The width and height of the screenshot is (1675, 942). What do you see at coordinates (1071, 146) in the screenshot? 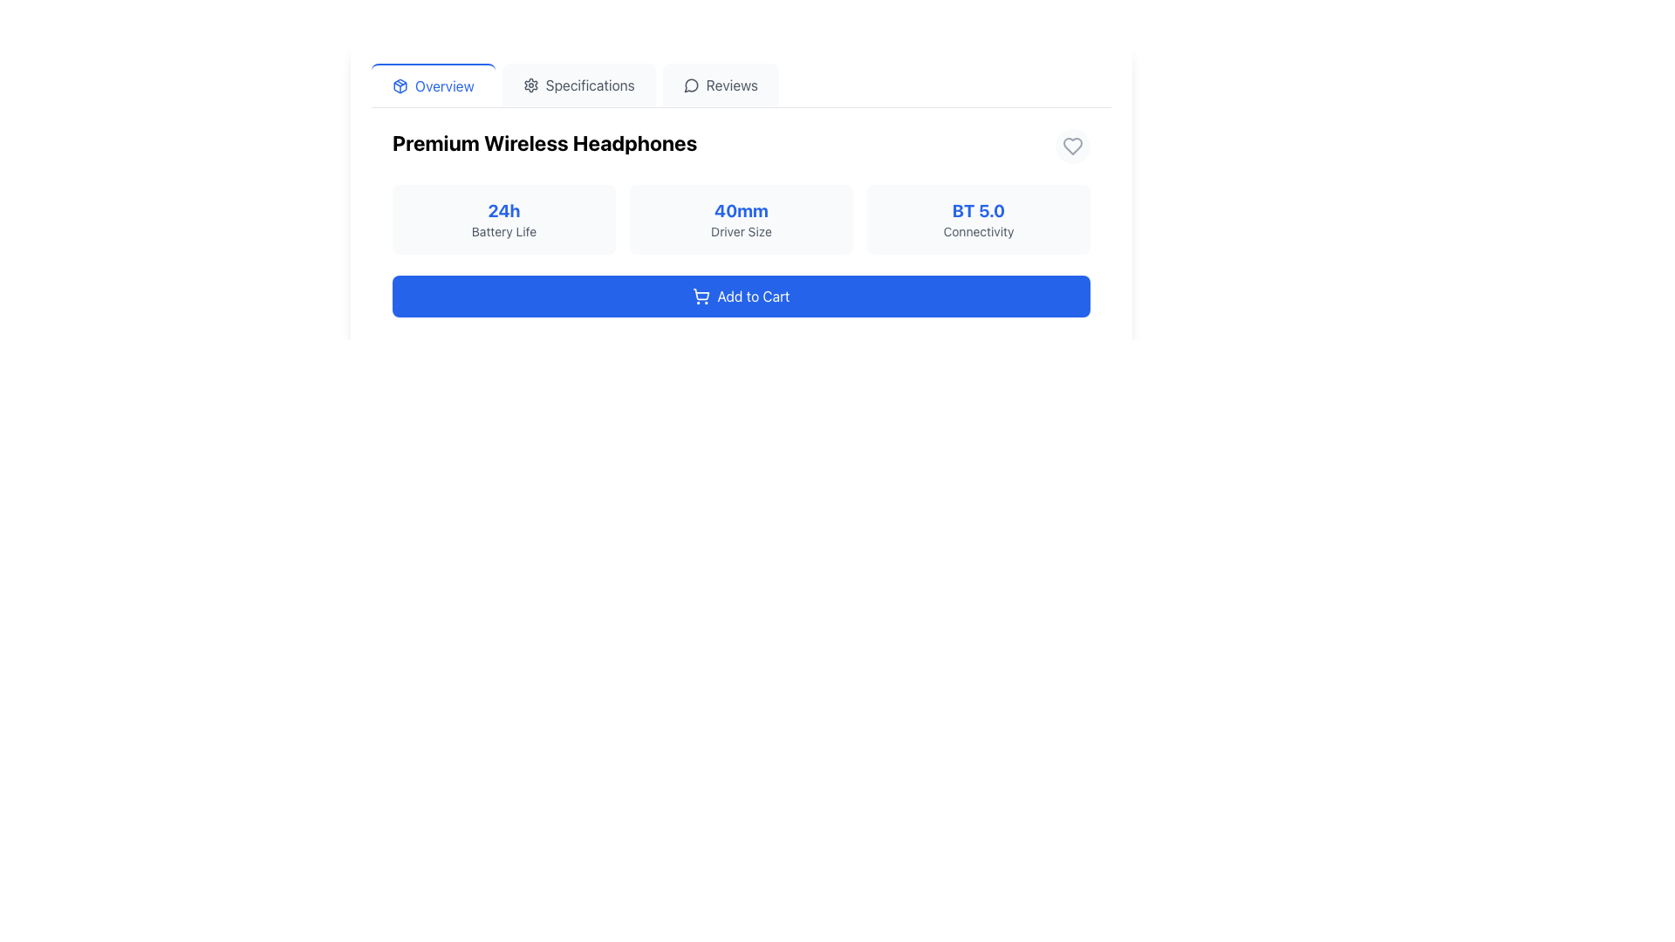
I see `the heart-shaped favorite button located in the top right area of the interface to mark the item as a favorite` at bounding box center [1071, 146].